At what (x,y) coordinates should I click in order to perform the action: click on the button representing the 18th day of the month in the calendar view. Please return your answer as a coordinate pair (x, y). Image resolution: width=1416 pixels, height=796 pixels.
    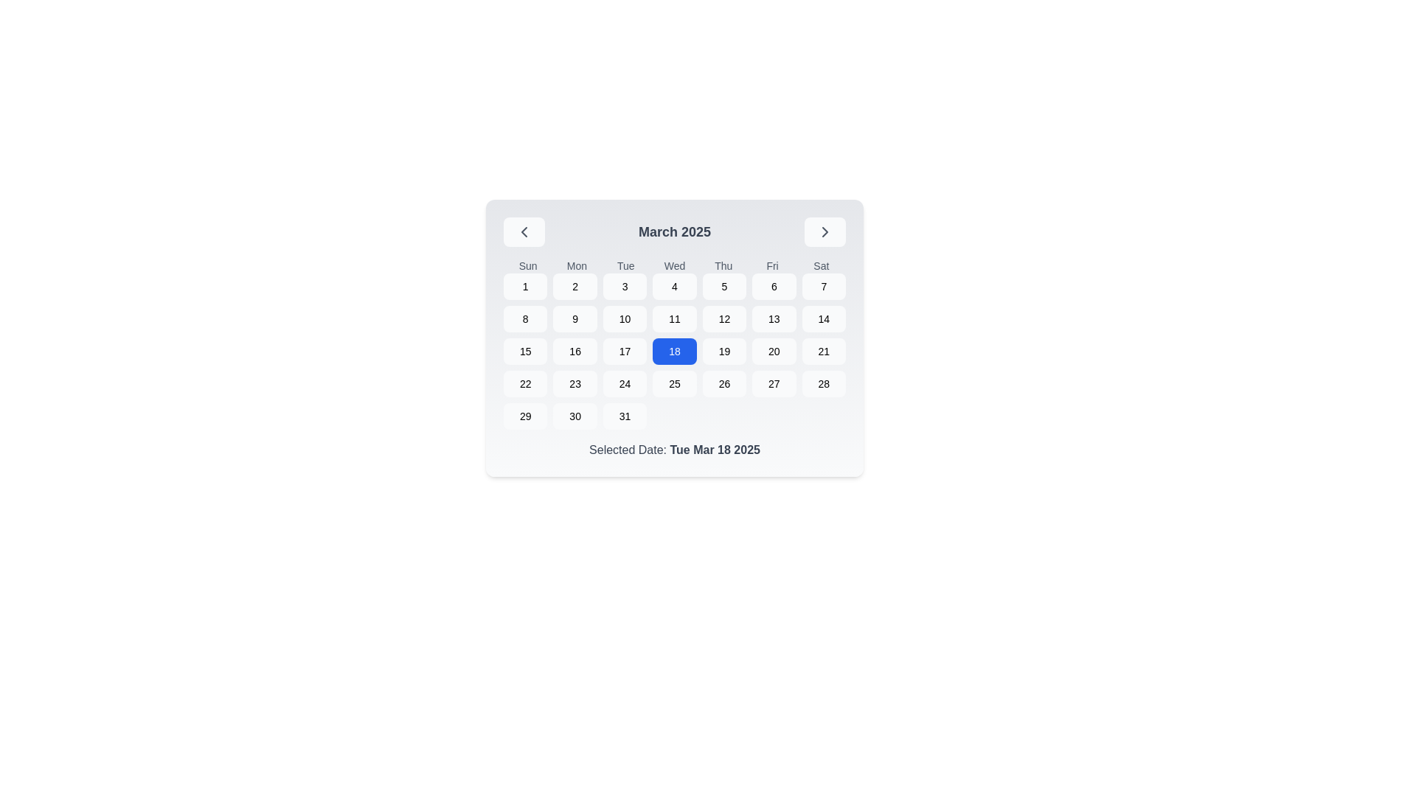
    Looking at the image, I should click on (674, 352).